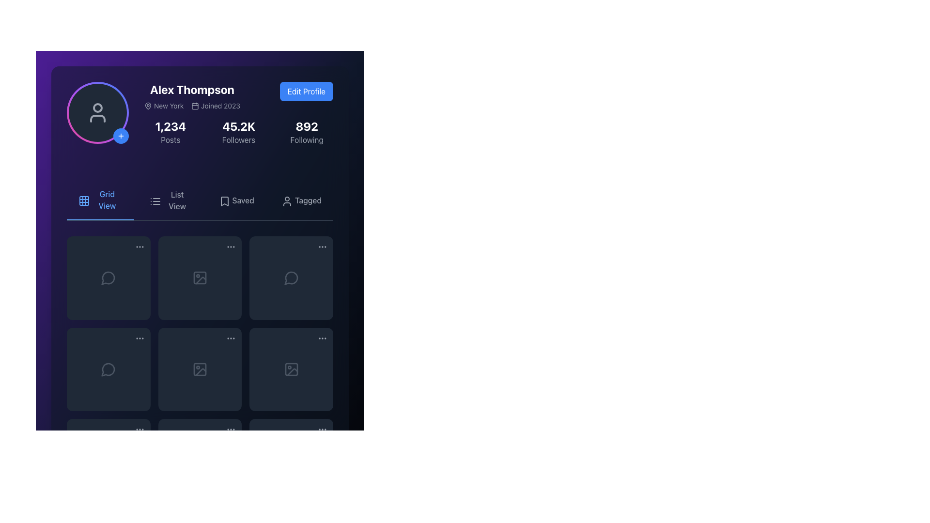 This screenshot has width=930, height=523. What do you see at coordinates (224, 201) in the screenshot?
I see `the 'Saved' menu item icon, which serves as a visual representation adjacent to the 'Saved' label in the navigation options on the dashboard interface` at bounding box center [224, 201].